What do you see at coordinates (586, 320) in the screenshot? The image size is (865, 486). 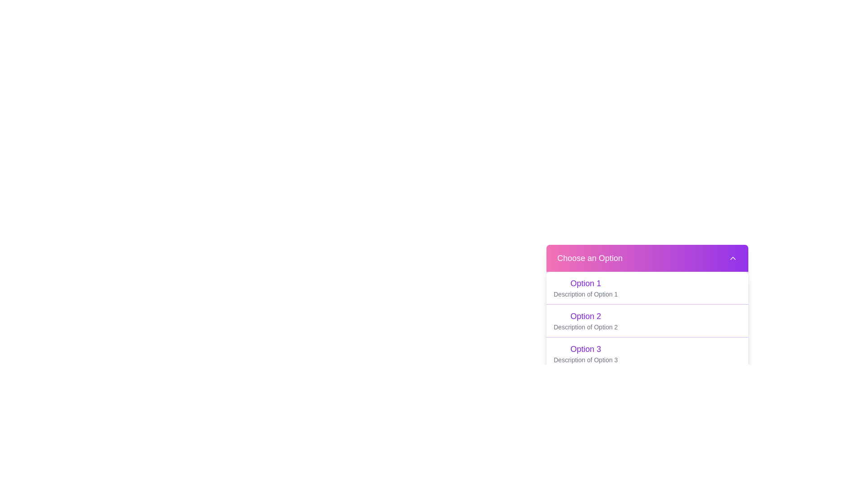 I see `displayed information from the label describing 'Option 2', which is located in the center of the selectable dropdown interface under the purple header 'Choose an Option'` at bounding box center [586, 320].